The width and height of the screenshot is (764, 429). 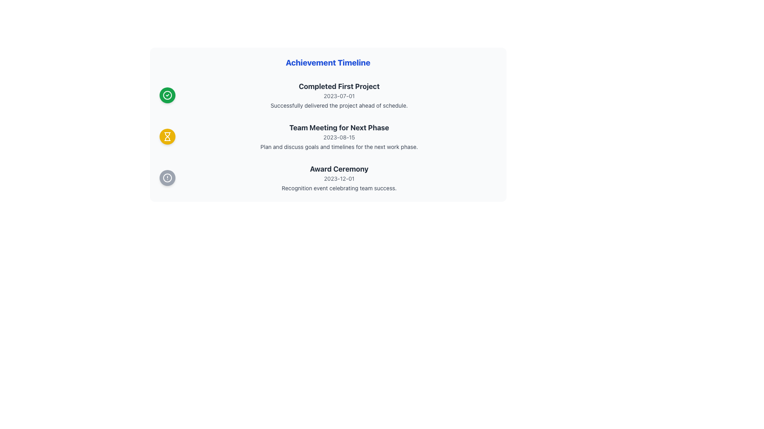 What do you see at coordinates (339, 188) in the screenshot?
I see `the text element that contains 'Recognition event celebrating team success.' located under the '2023-12-01' date in the description section of the 'Award Ceremony'` at bounding box center [339, 188].